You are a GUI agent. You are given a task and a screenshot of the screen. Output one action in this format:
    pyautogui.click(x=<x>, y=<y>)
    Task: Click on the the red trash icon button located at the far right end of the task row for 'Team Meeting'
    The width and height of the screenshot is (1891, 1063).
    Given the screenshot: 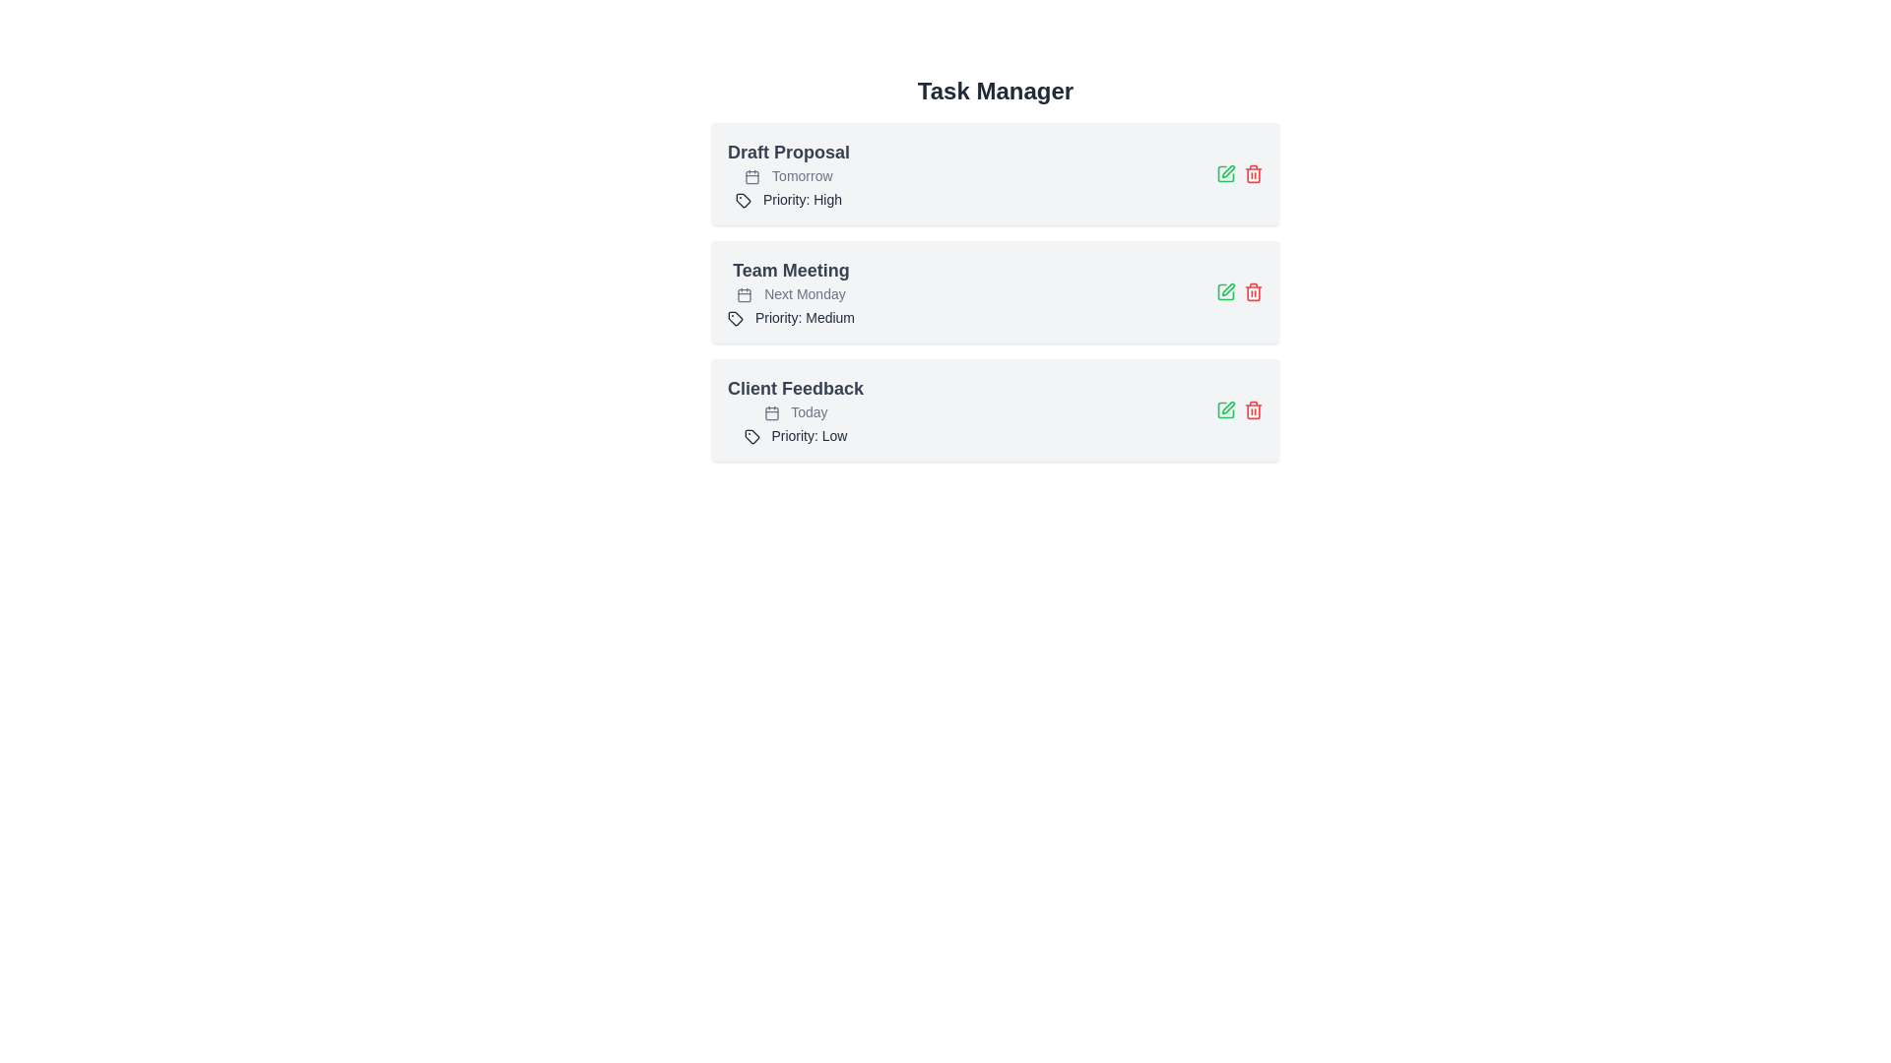 What is the action you would take?
    pyautogui.click(x=1252, y=292)
    